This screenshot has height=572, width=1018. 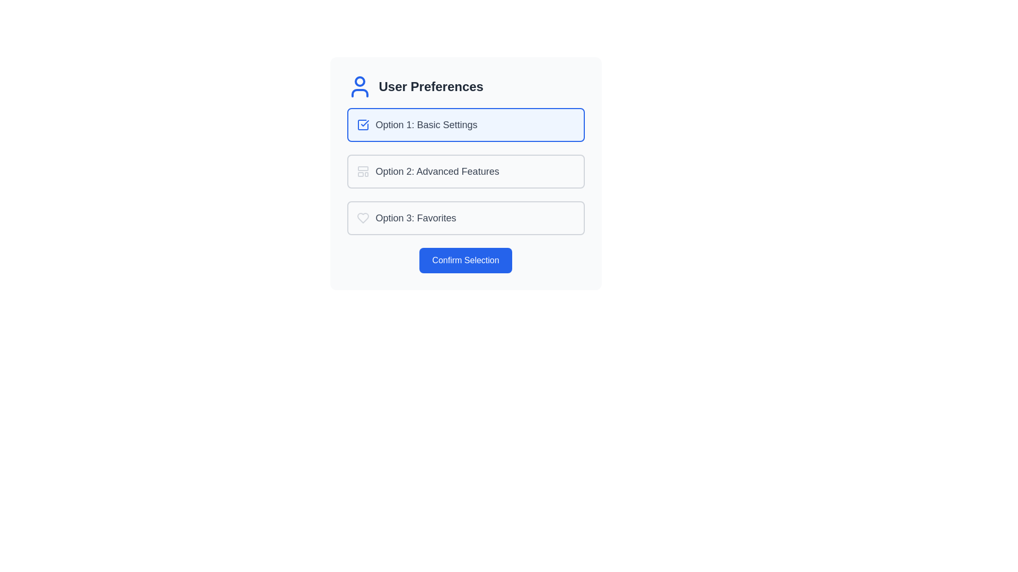 What do you see at coordinates (466, 261) in the screenshot?
I see `the confirmation button located centrally at the bottom of the 'User Preferences' section` at bounding box center [466, 261].